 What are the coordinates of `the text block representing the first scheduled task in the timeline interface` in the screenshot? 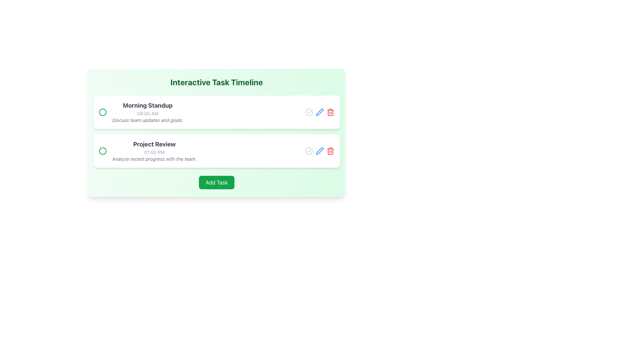 It's located at (147, 112).